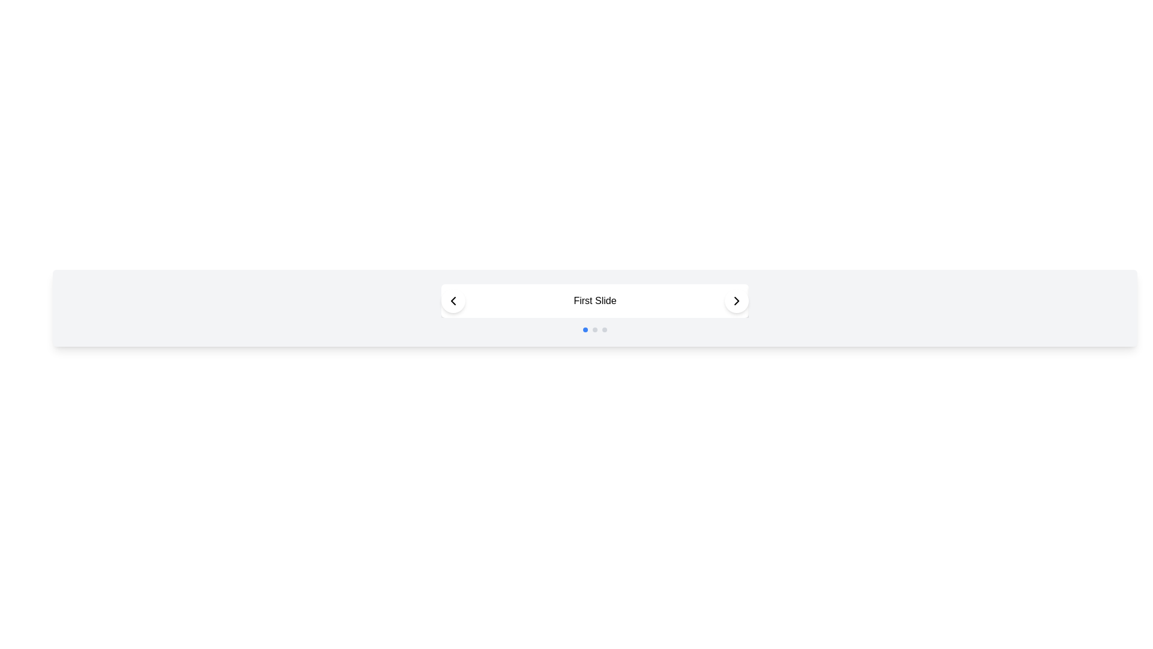 The image size is (1153, 649). What do you see at coordinates (595, 329) in the screenshot?
I see `the Carousel Indicator (Dot Navigation) located below the main carousel display area, which indicates the currently active item in the slideshow` at bounding box center [595, 329].